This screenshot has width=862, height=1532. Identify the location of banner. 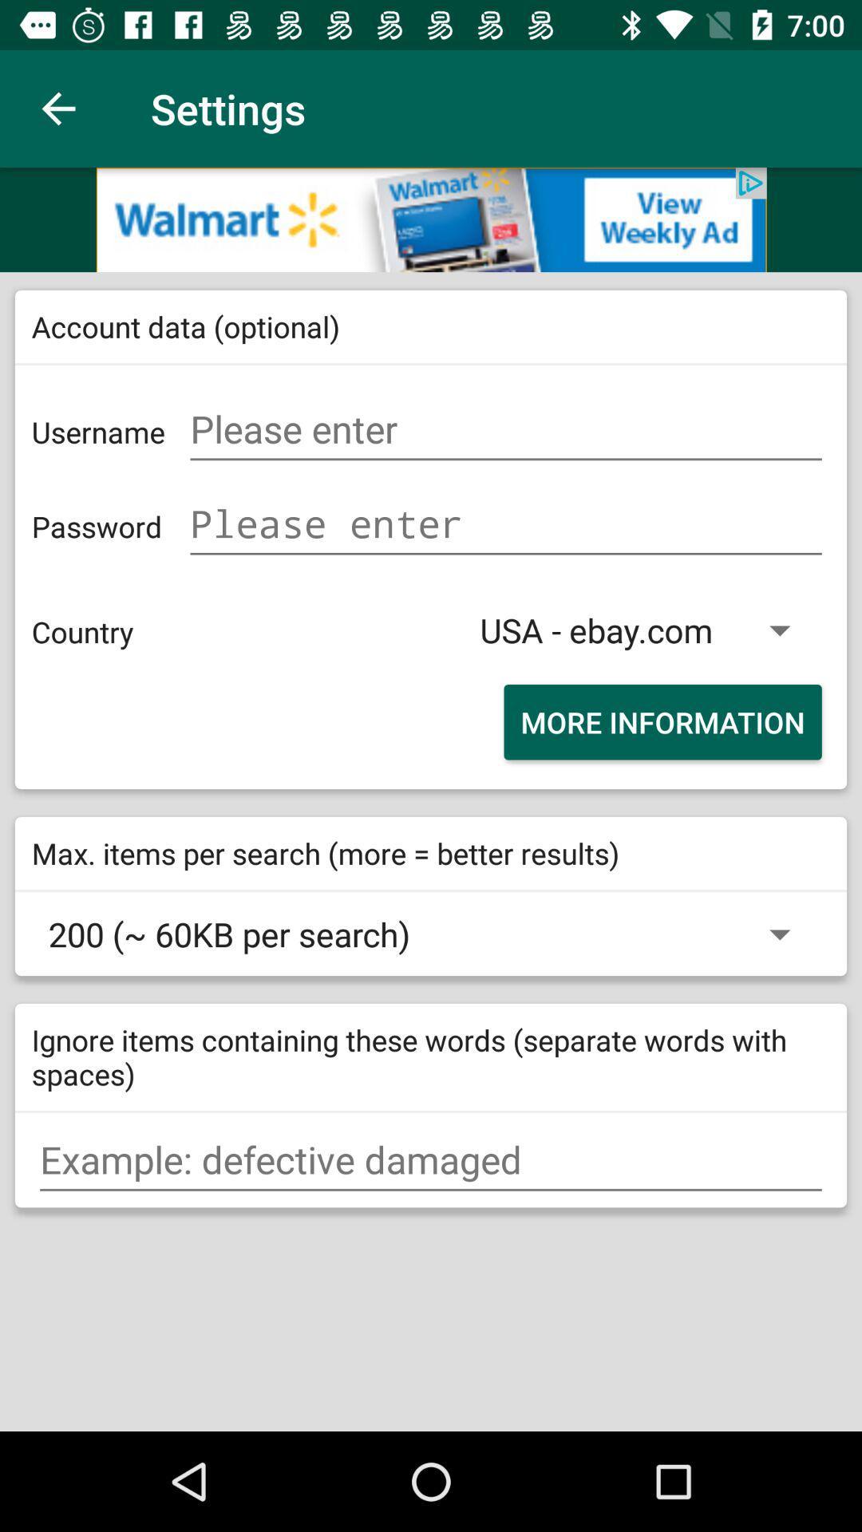
(431, 219).